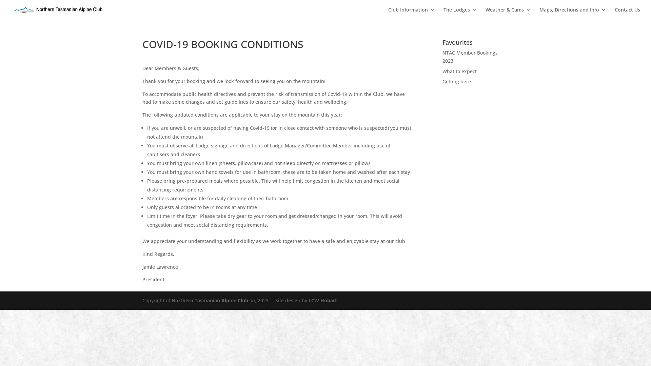 This screenshot has width=651, height=366. What do you see at coordinates (470, 56) in the screenshot?
I see `'NTAC Member Bookings 2023'` at bounding box center [470, 56].